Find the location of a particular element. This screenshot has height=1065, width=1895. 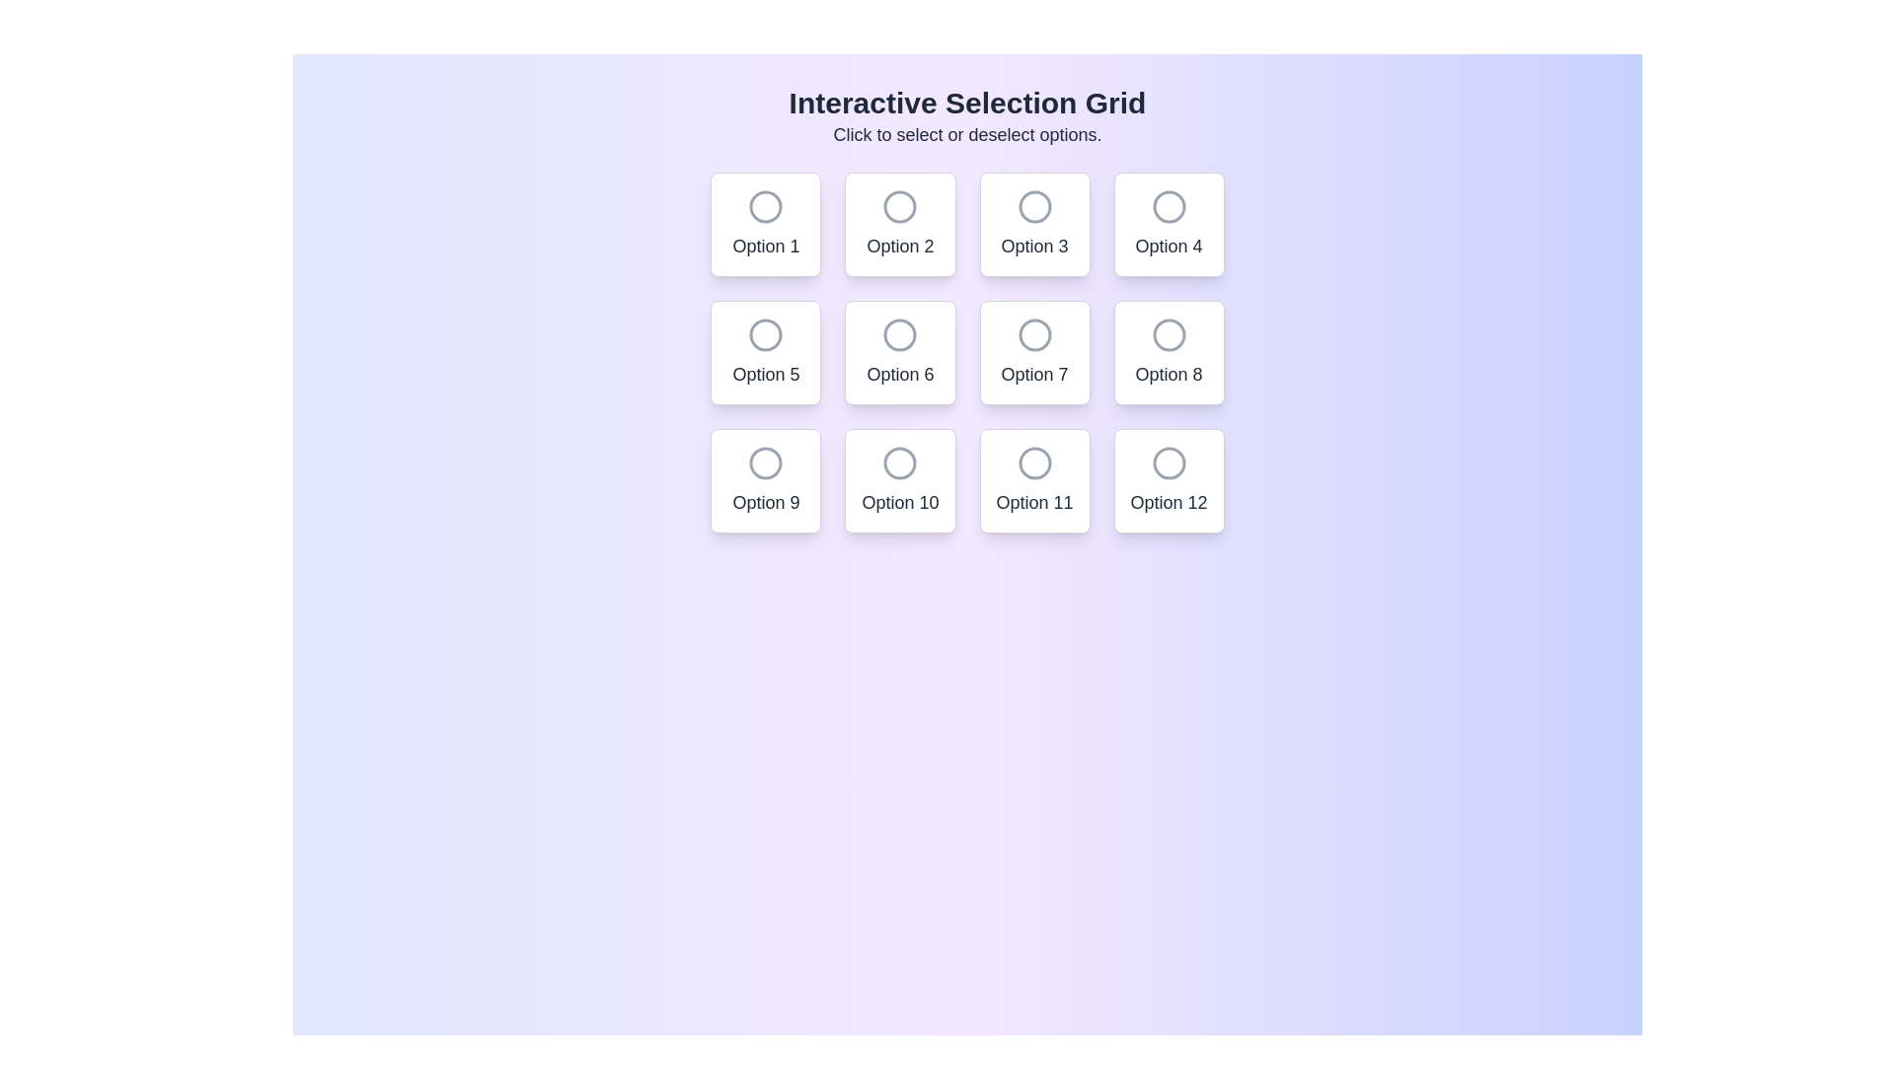

the header text of the grid is located at coordinates (967, 103).